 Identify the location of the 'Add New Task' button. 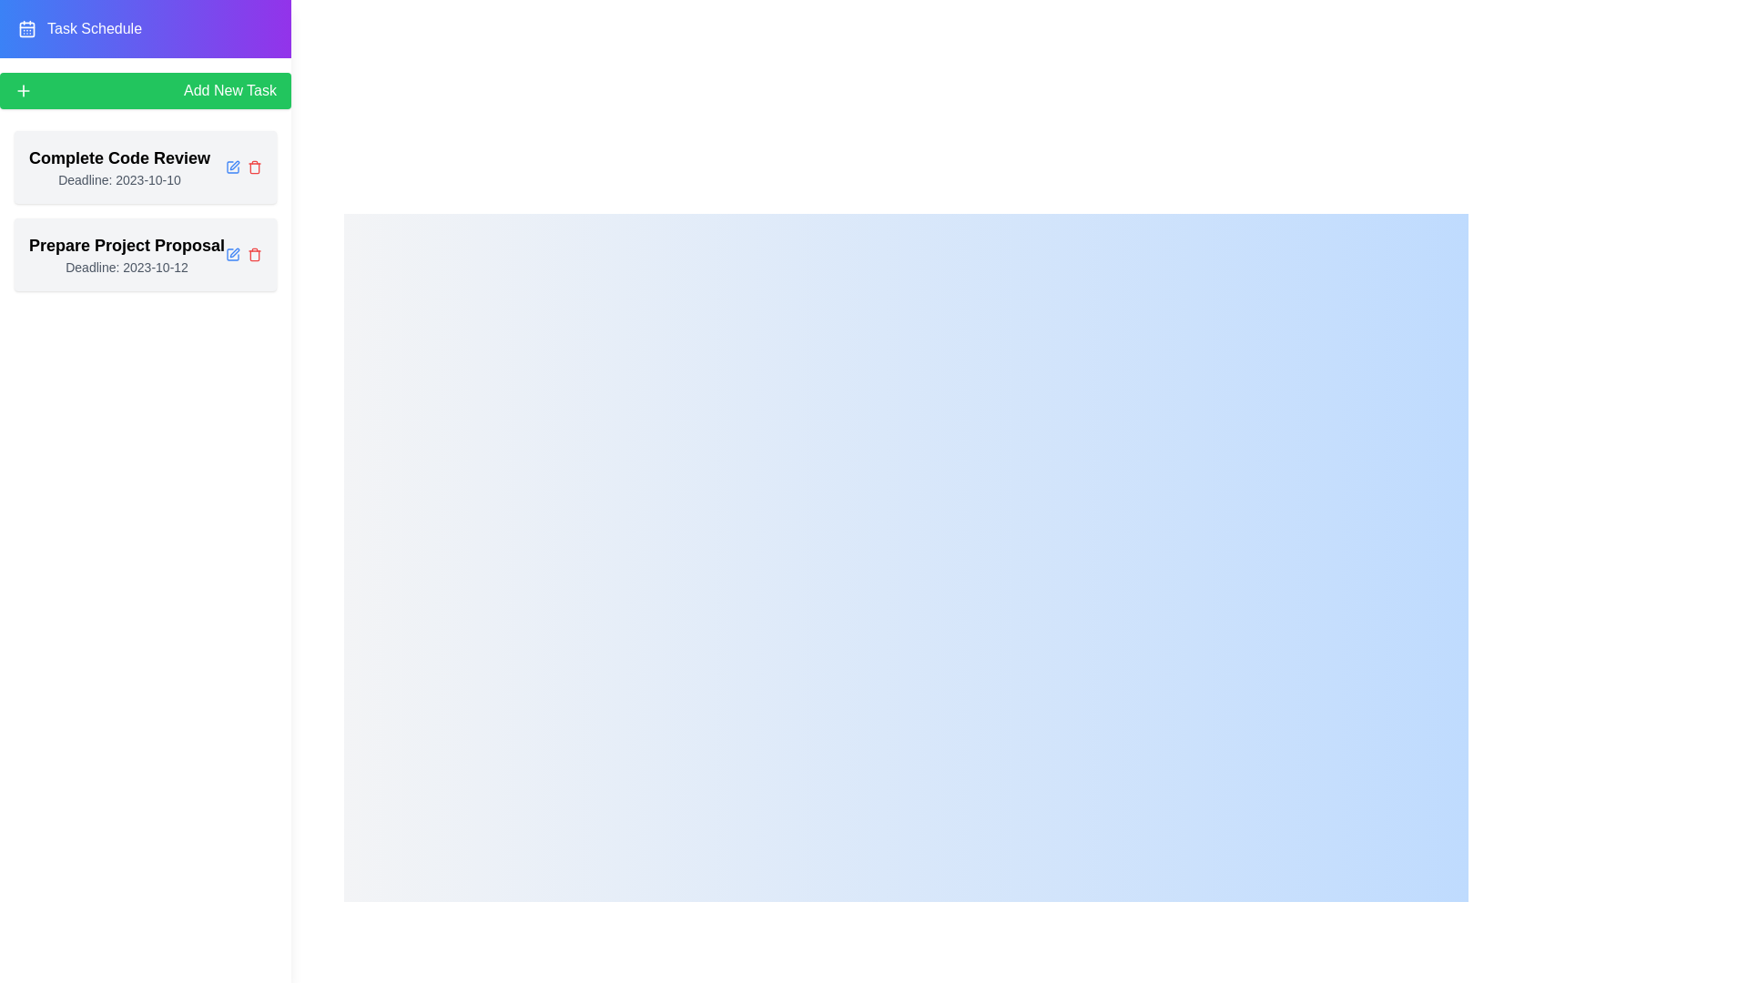
(144, 91).